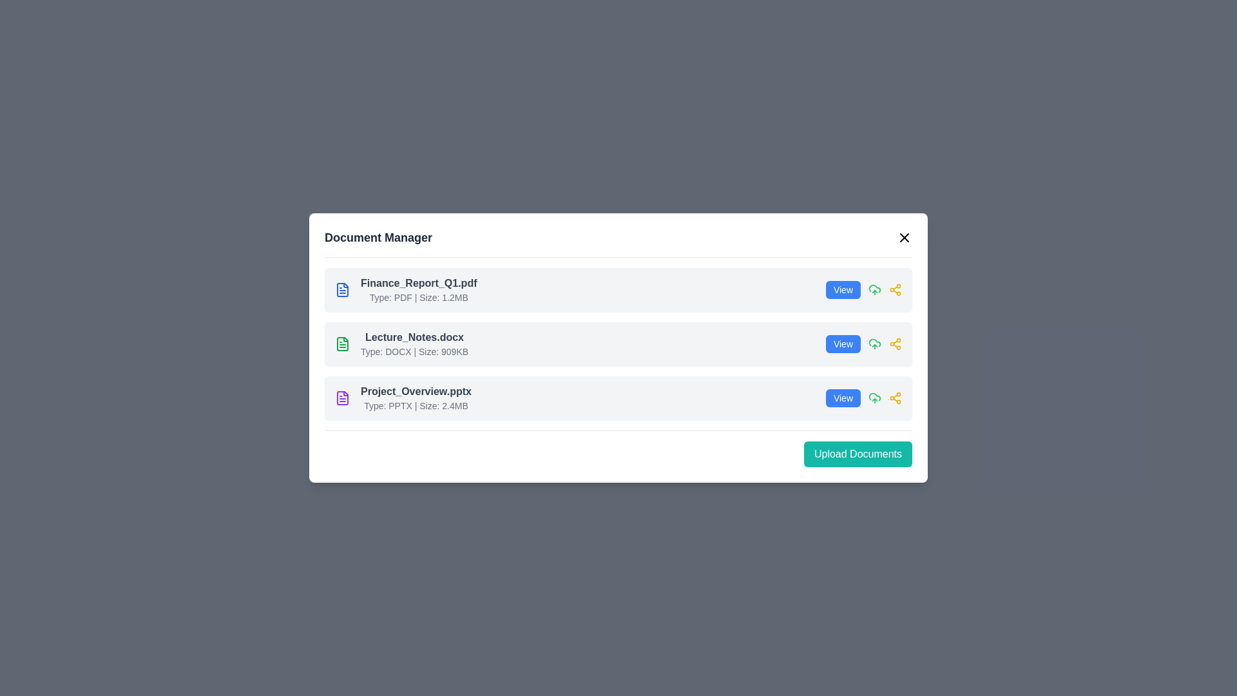 The image size is (1237, 696). I want to click on the diagonal line of the 'X' icon located at the top-right corner of the modal dialog box, so click(903, 238).